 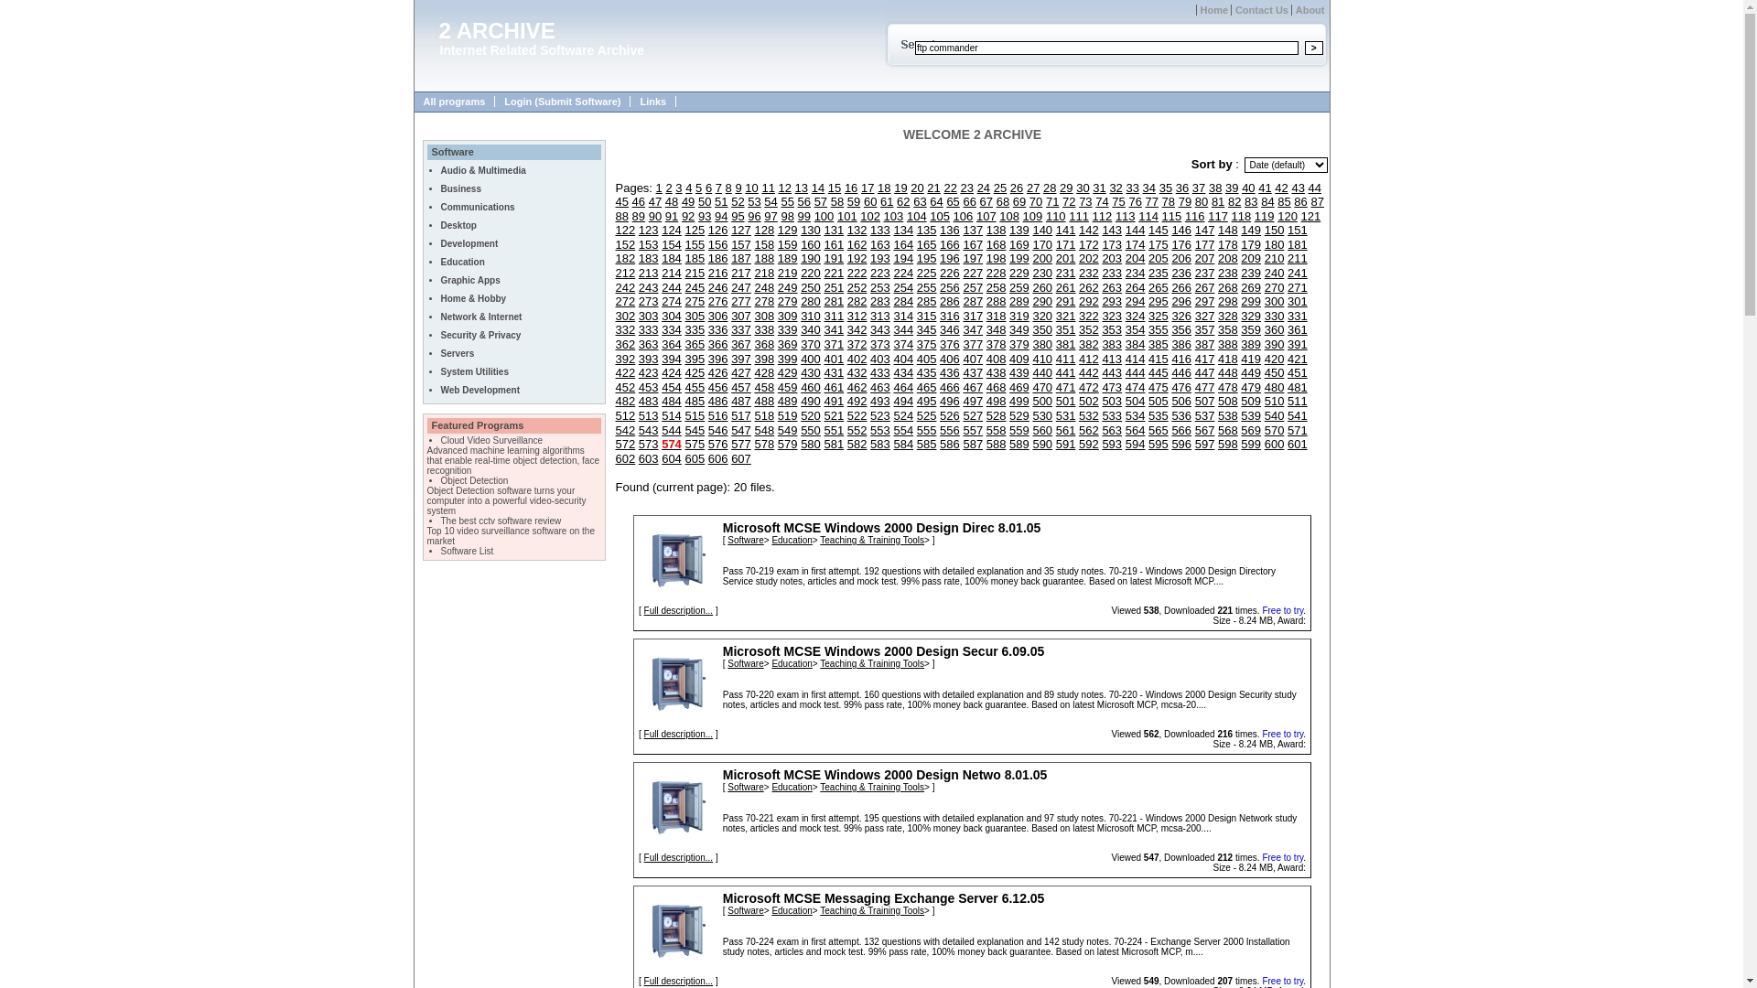 What do you see at coordinates (856, 273) in the screenshot?
I see `'222'` at bounding box center [856, 273].